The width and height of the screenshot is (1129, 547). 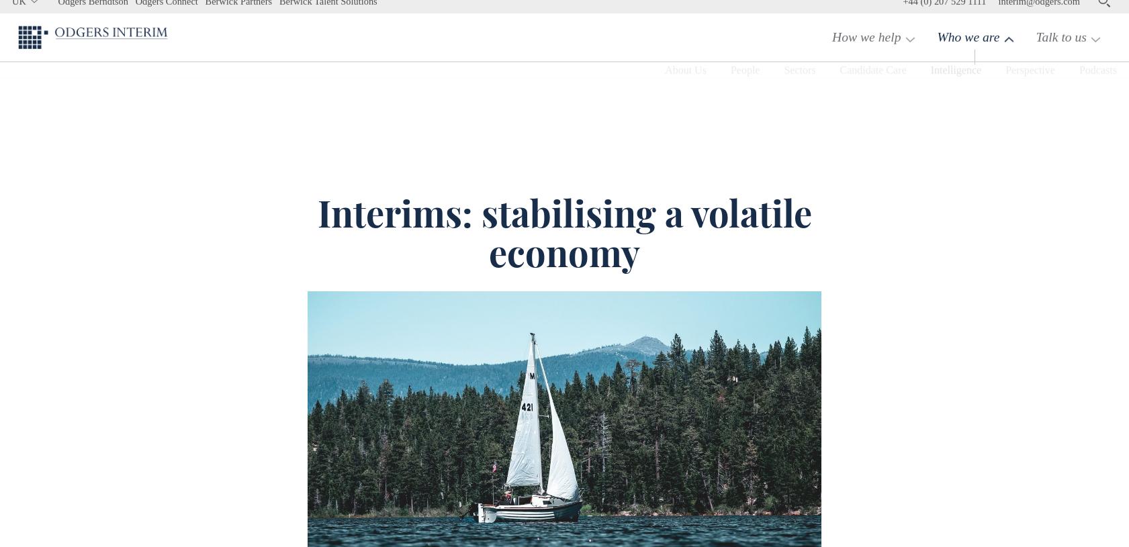 What do you see at coordinates (695, 101) in the screenshot?
I see `'People'` at bounding box center [695, 101].